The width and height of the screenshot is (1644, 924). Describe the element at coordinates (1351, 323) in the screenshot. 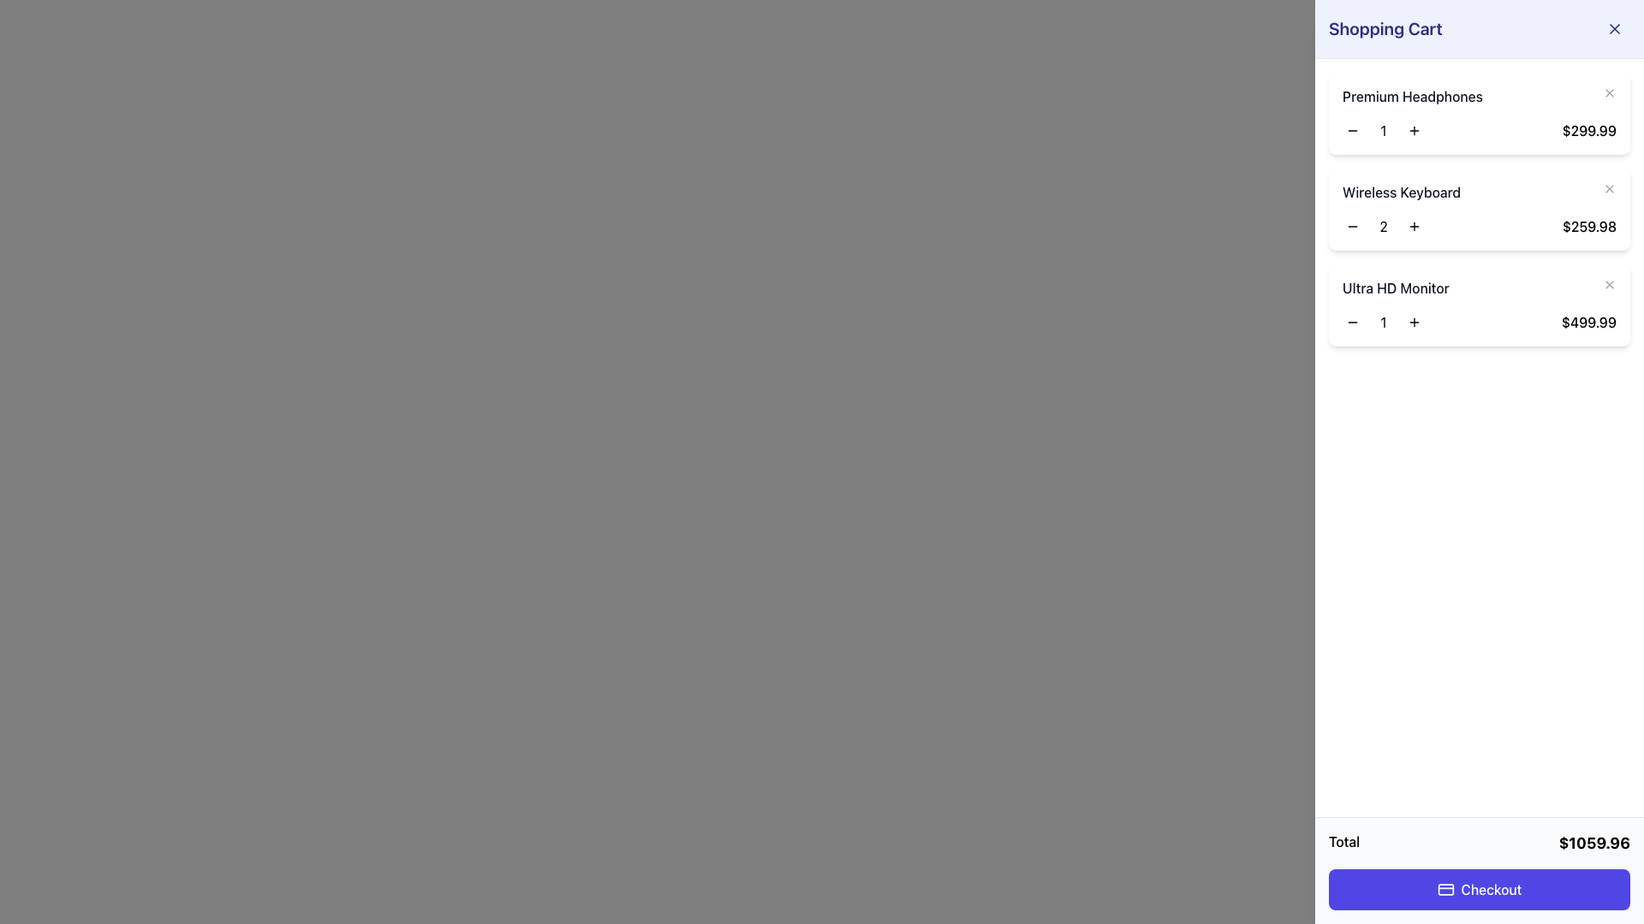

I see `the small circular button styled with a rounded border and a thin horizontal line resembling a minus symbol, located to the left of the quantity display for the 'Ultra HD Monitor' item in the shopping cart interface` at that location.